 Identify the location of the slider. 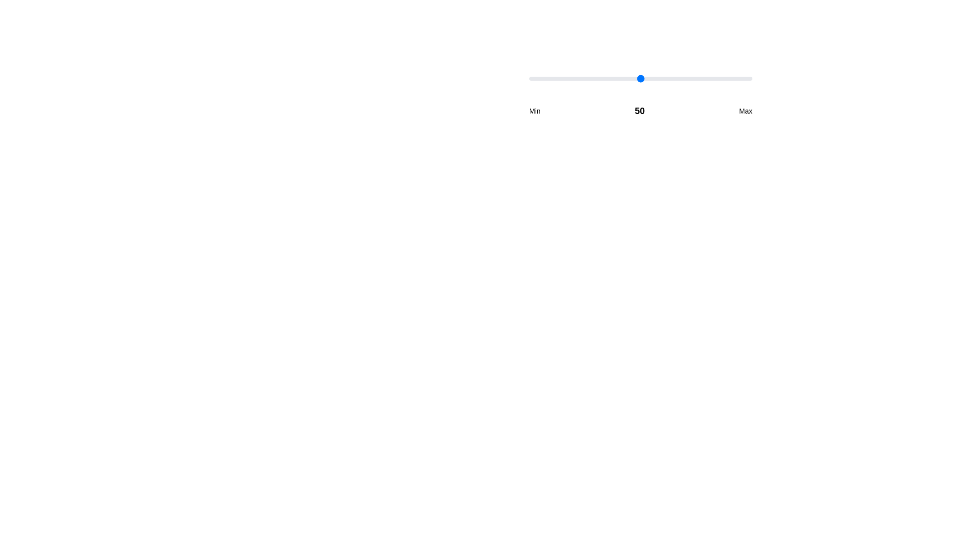
(540, 78).